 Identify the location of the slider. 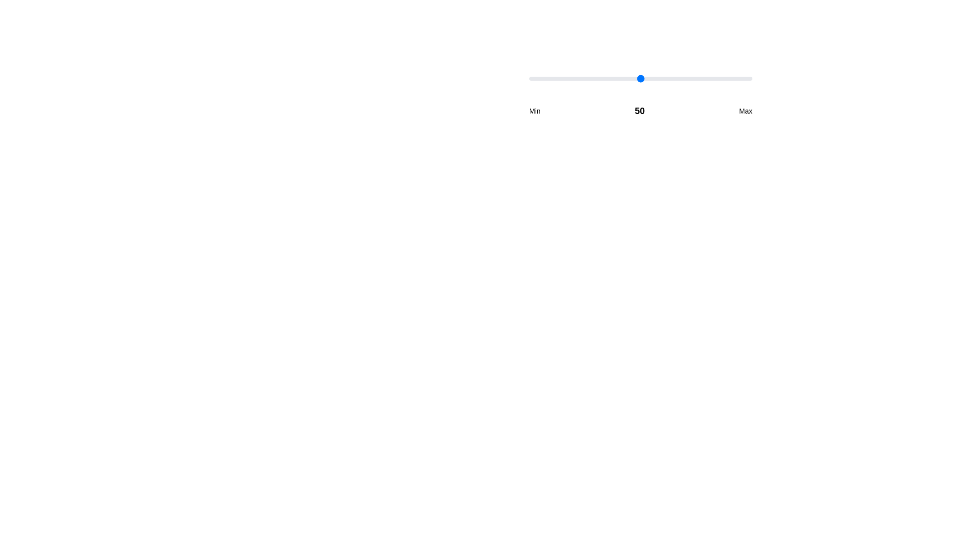
(540, 78).